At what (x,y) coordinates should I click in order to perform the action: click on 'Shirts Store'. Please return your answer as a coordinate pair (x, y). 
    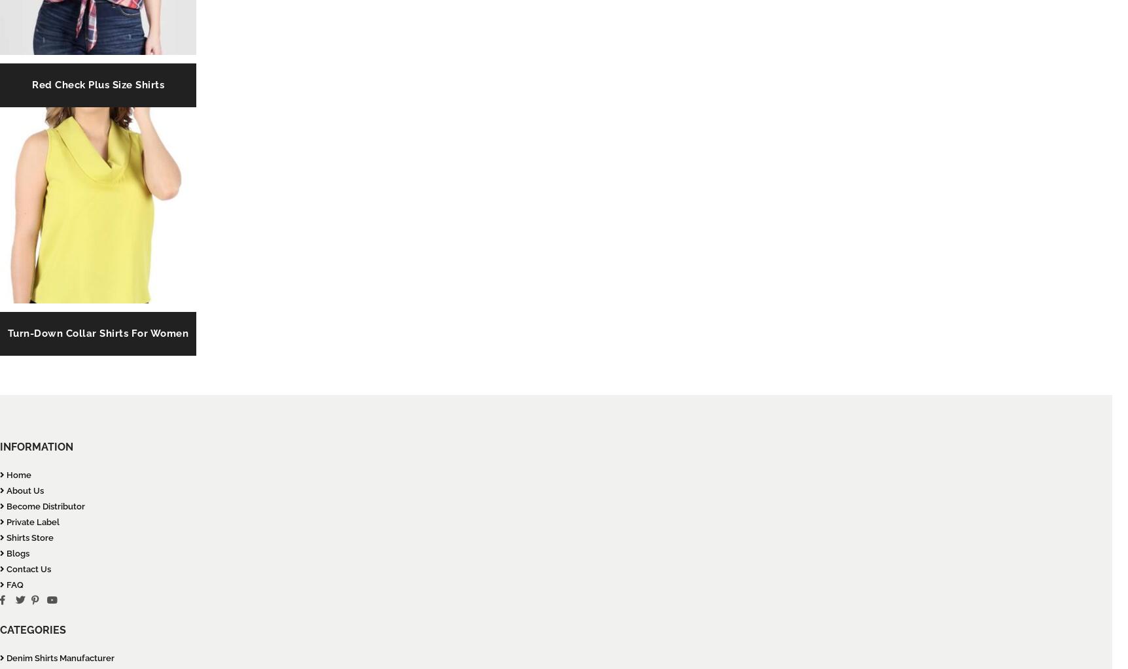
    Looking at the image, I should click on (29, 538).